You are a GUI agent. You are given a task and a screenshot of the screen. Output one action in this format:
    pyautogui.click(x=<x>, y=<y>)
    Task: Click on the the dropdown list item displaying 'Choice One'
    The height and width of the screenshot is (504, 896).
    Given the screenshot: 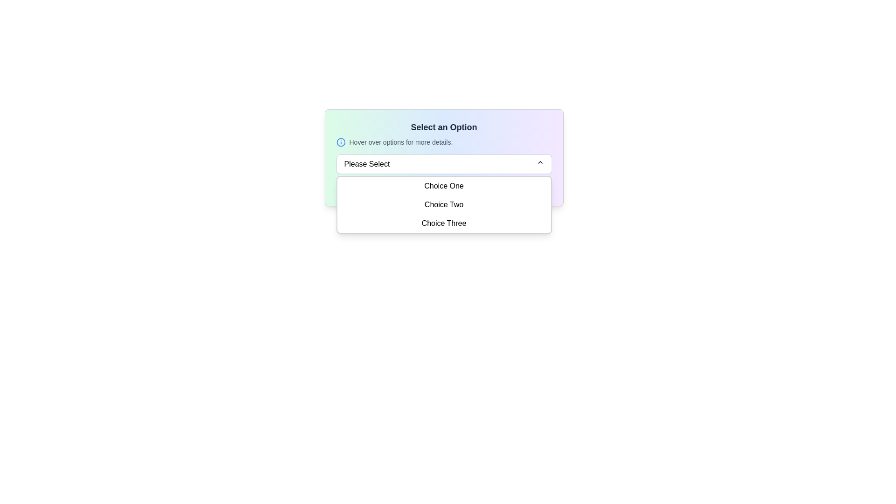 What is the action you would take?
    pyautogui.click(x=443, y=186)
    